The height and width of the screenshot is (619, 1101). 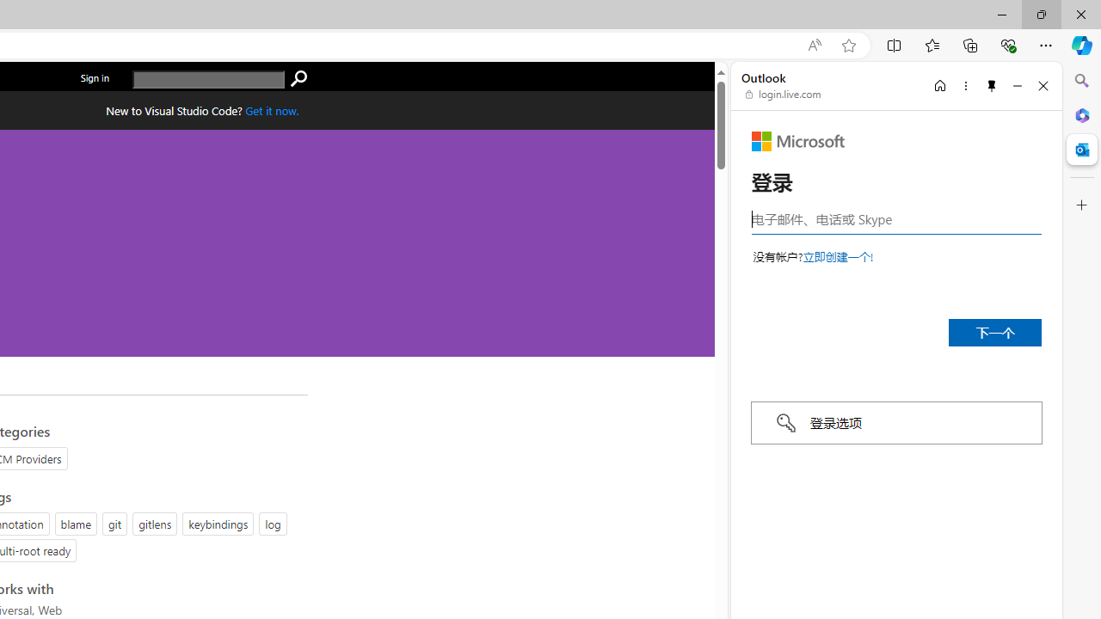 What do you see at coordinates (797, 140) in the screenshot?
I see `'Microsoft'` at bounding box center [797, 140].